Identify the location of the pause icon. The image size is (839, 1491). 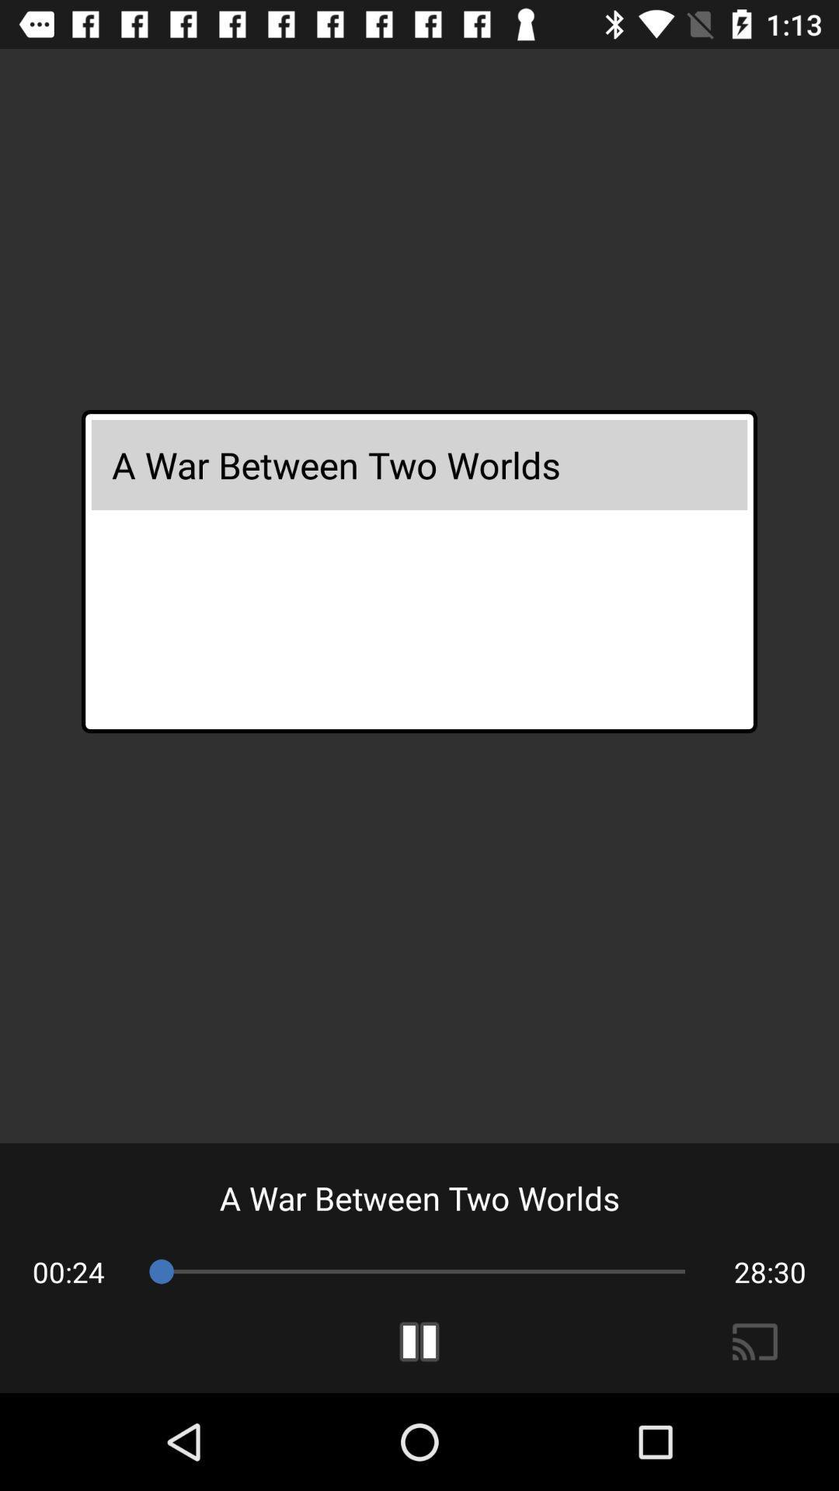
(419, 1341).